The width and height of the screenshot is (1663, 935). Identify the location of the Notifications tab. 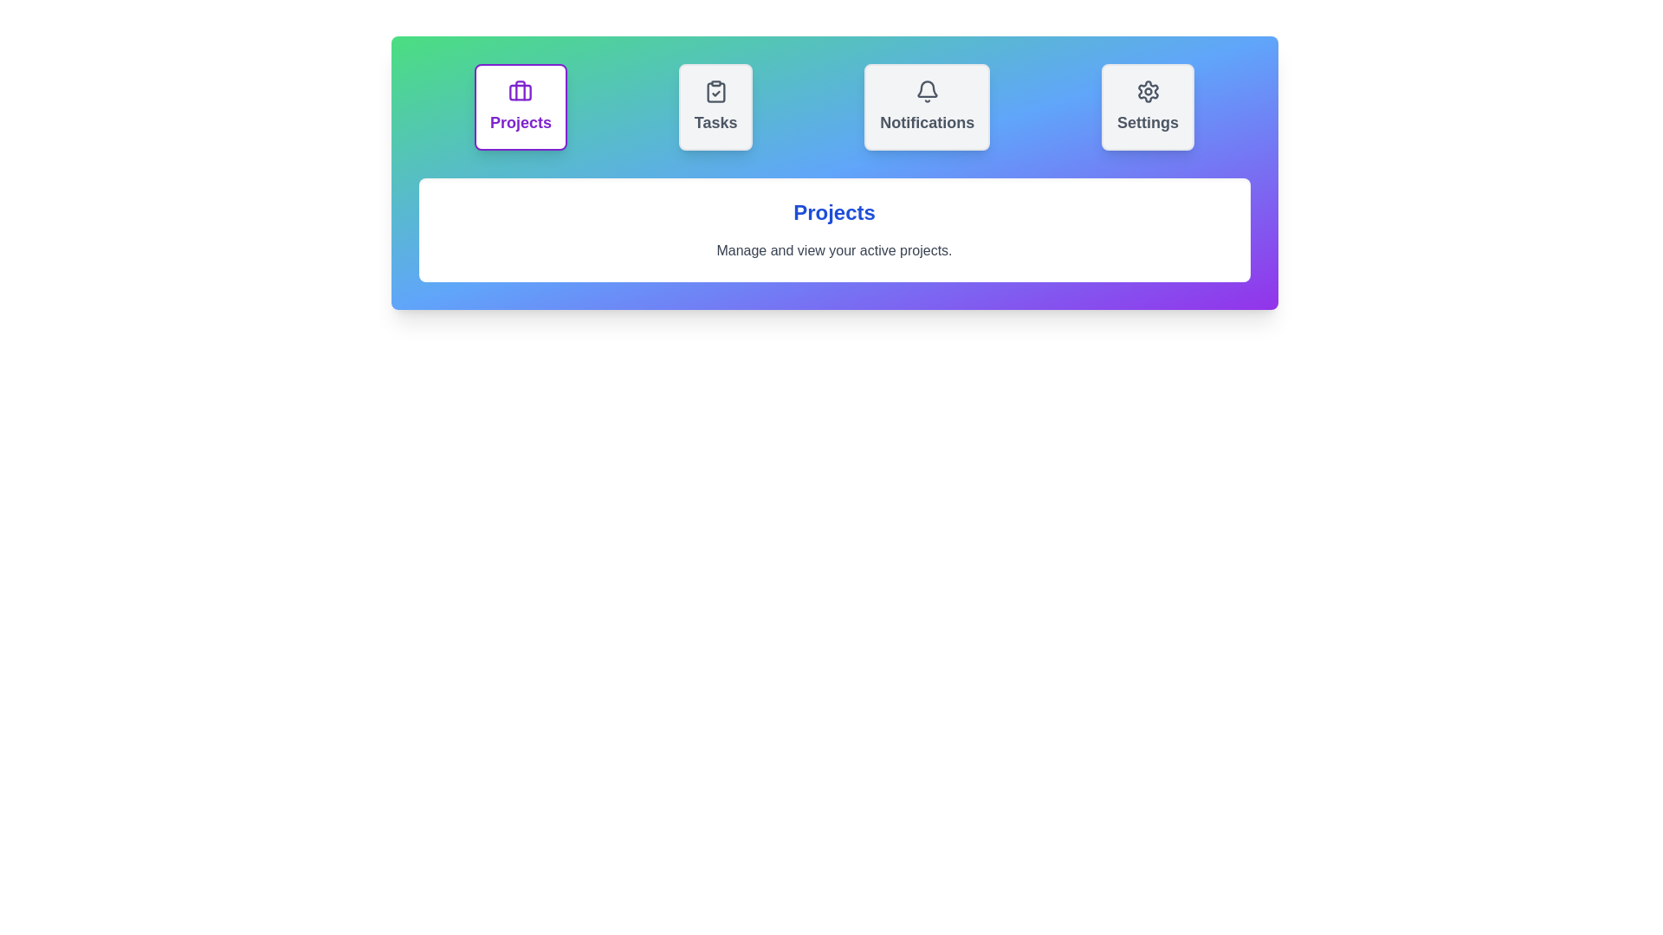
(926, 106).